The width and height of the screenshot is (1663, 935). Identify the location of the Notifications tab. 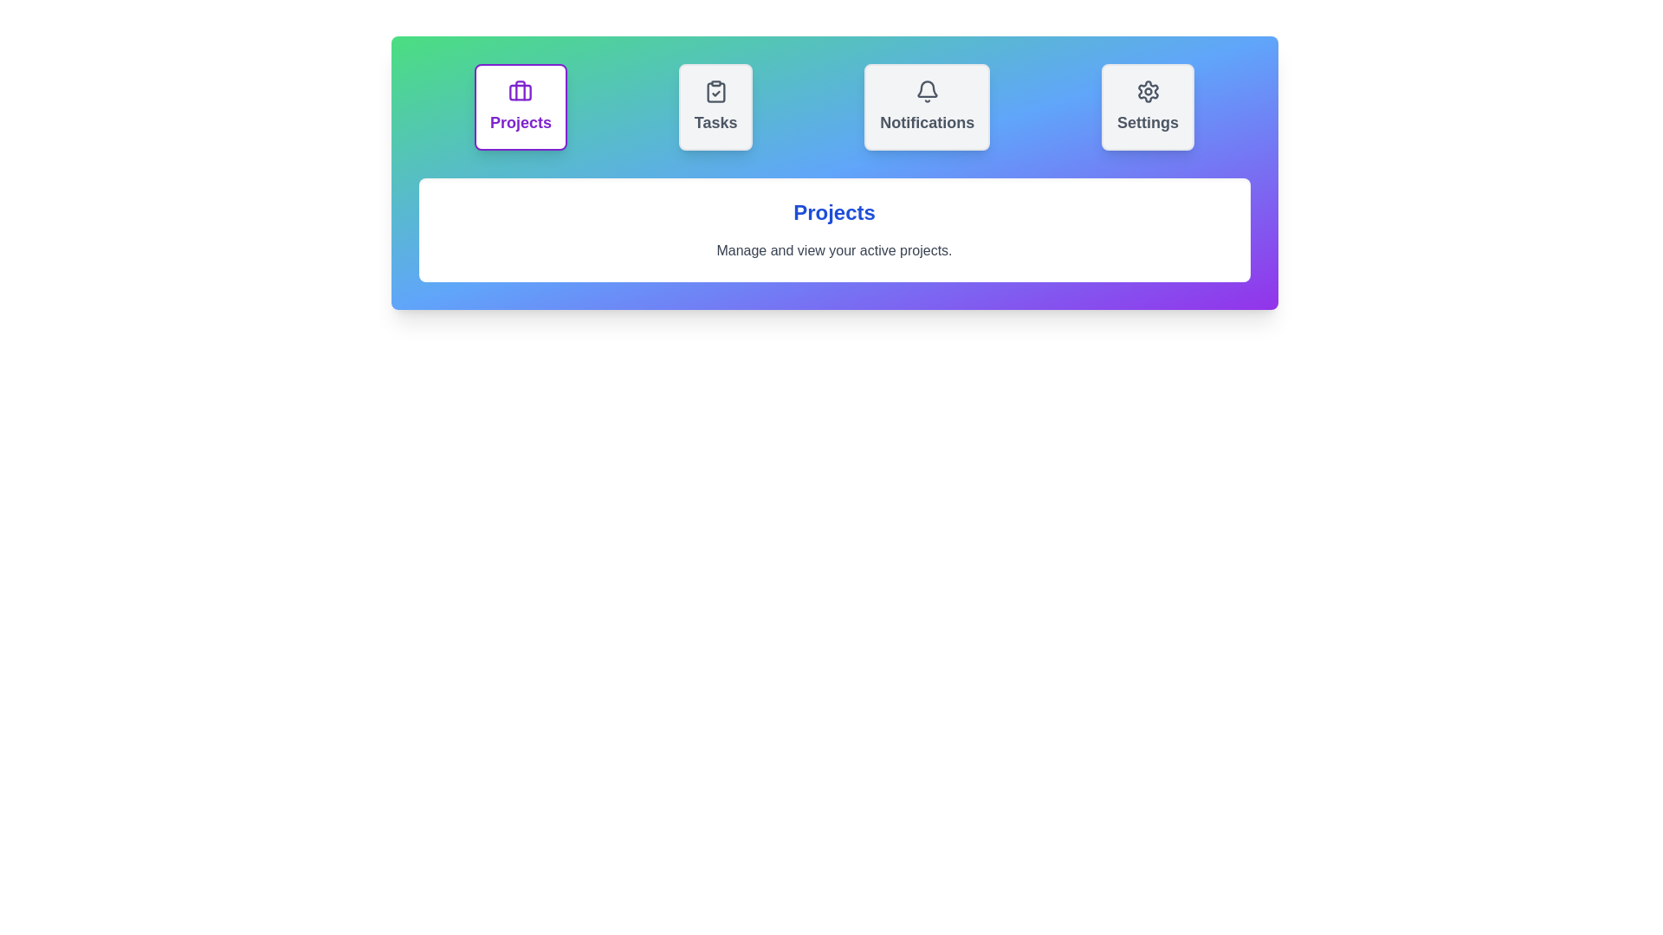
(926, 106).